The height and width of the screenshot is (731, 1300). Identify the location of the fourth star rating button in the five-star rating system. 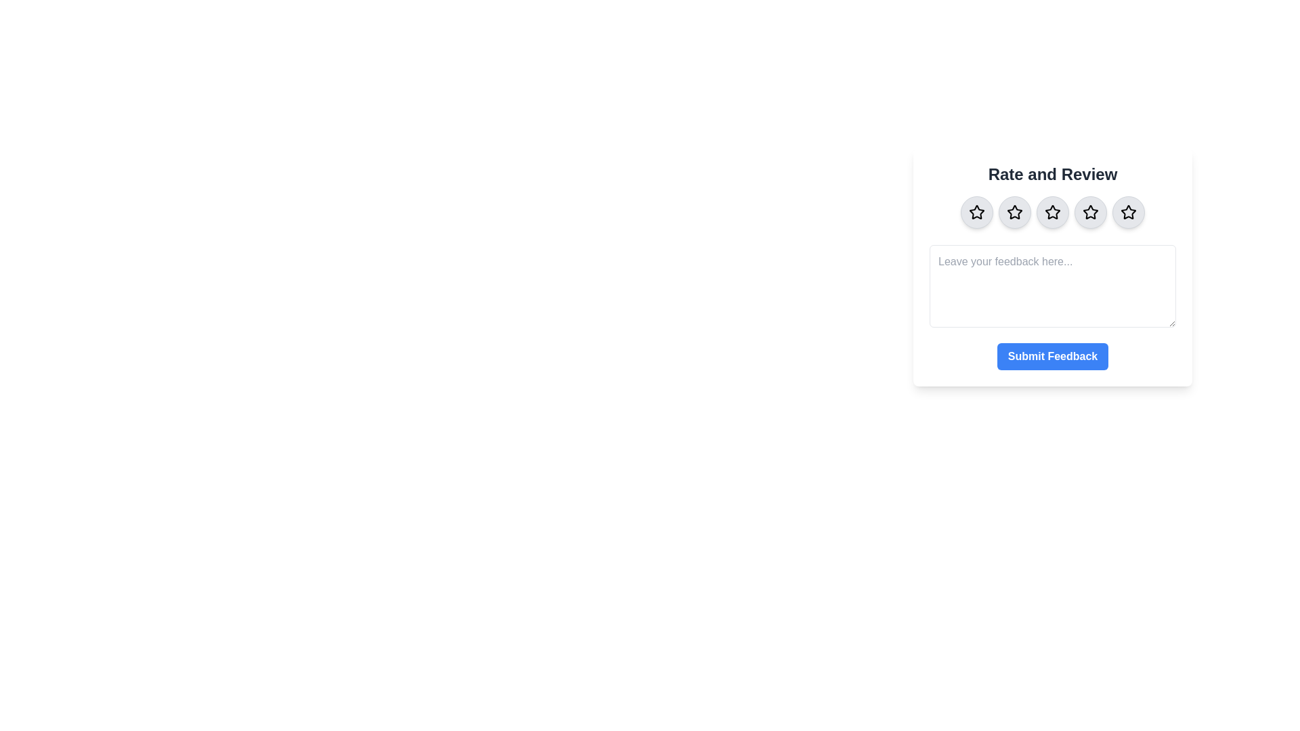
(1091, 212).